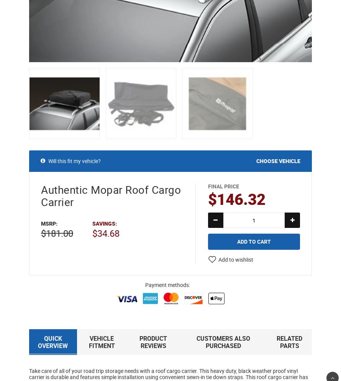 This screenshot has height=381, width=341. Describe the element at coordinates (217, 259) in the screenshot. I see `'Add to wishlist'` at that location.